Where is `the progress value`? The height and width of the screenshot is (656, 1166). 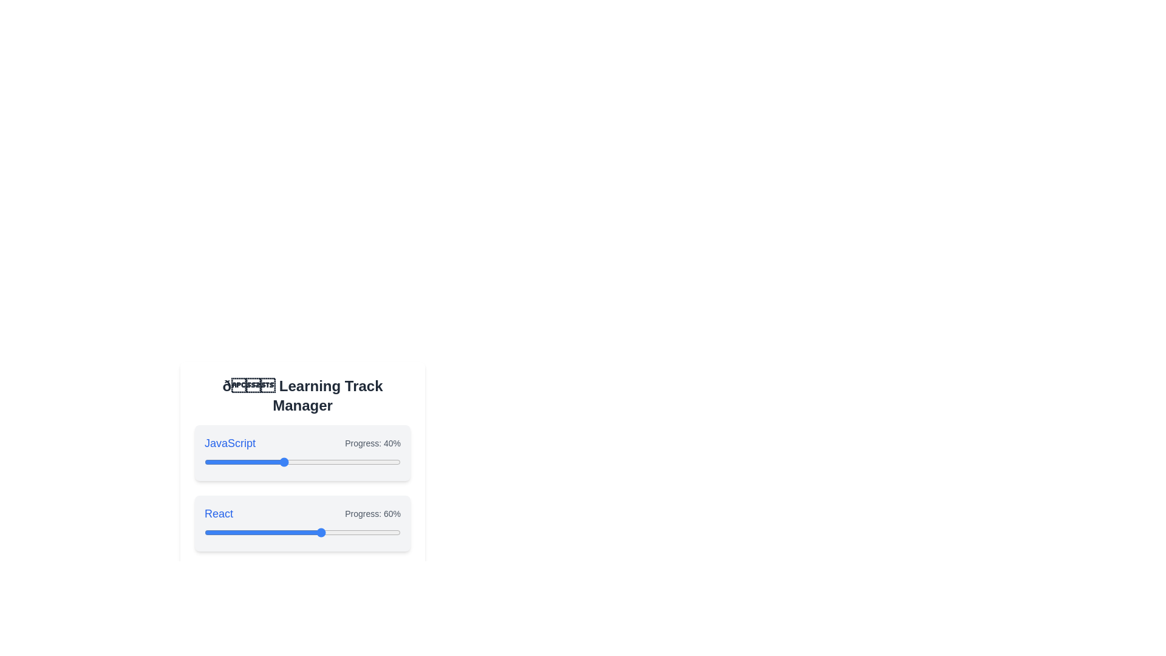 the progress value is located at coordinates (355, 531).